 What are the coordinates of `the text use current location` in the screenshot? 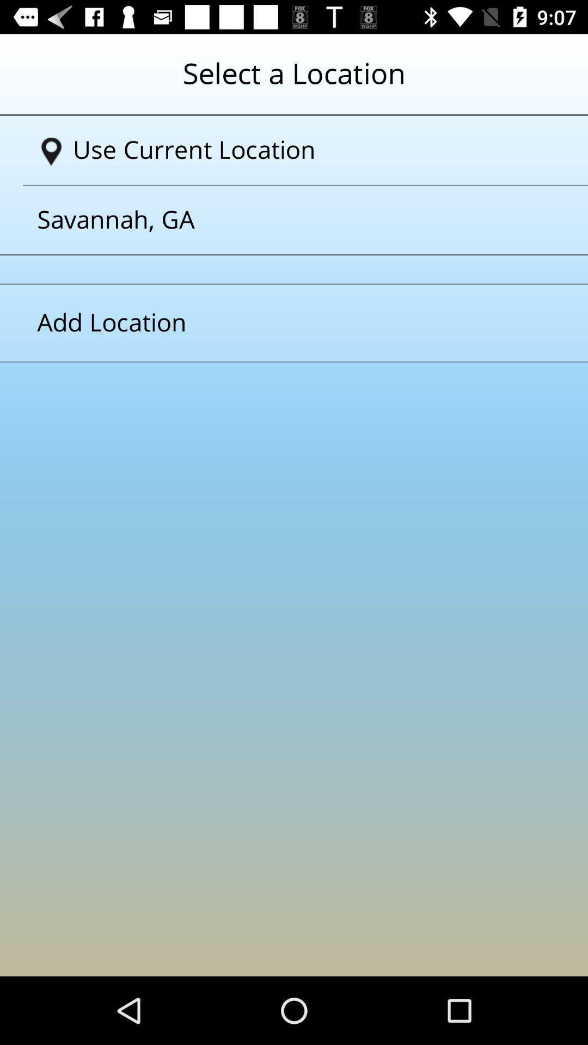 It's located at (298, 150).